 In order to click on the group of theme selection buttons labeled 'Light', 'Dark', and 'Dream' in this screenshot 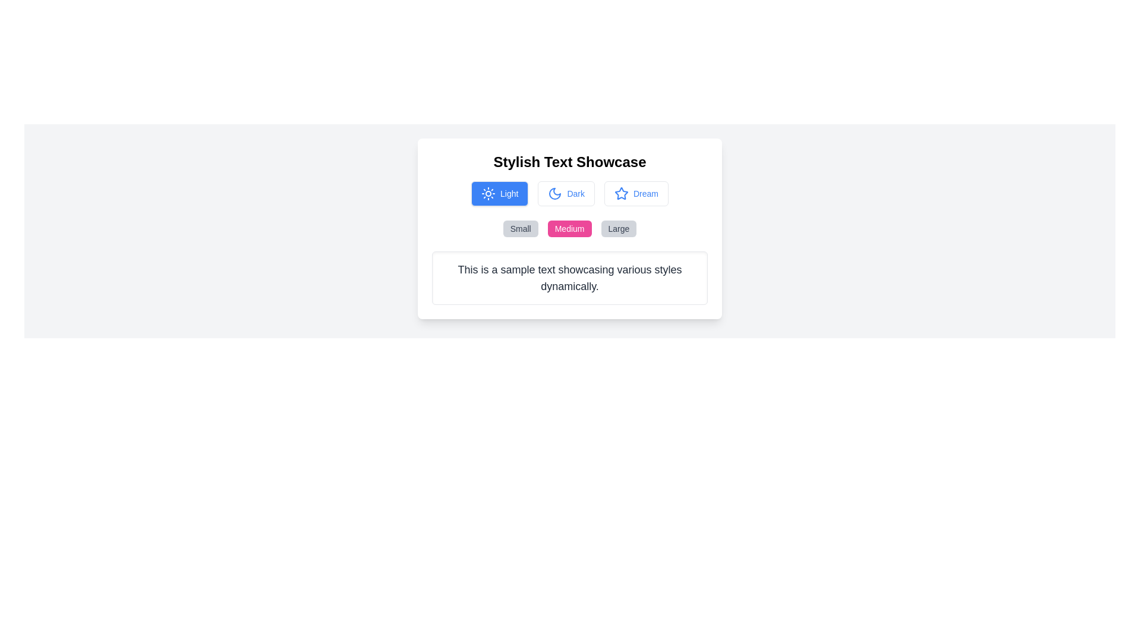, I will do `click(569, 193)`.